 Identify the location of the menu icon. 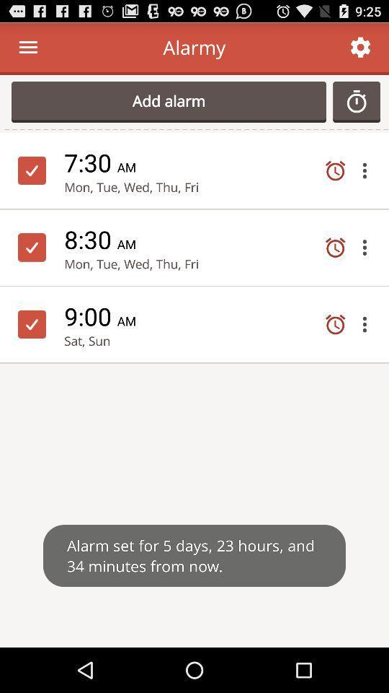
(28, 51).